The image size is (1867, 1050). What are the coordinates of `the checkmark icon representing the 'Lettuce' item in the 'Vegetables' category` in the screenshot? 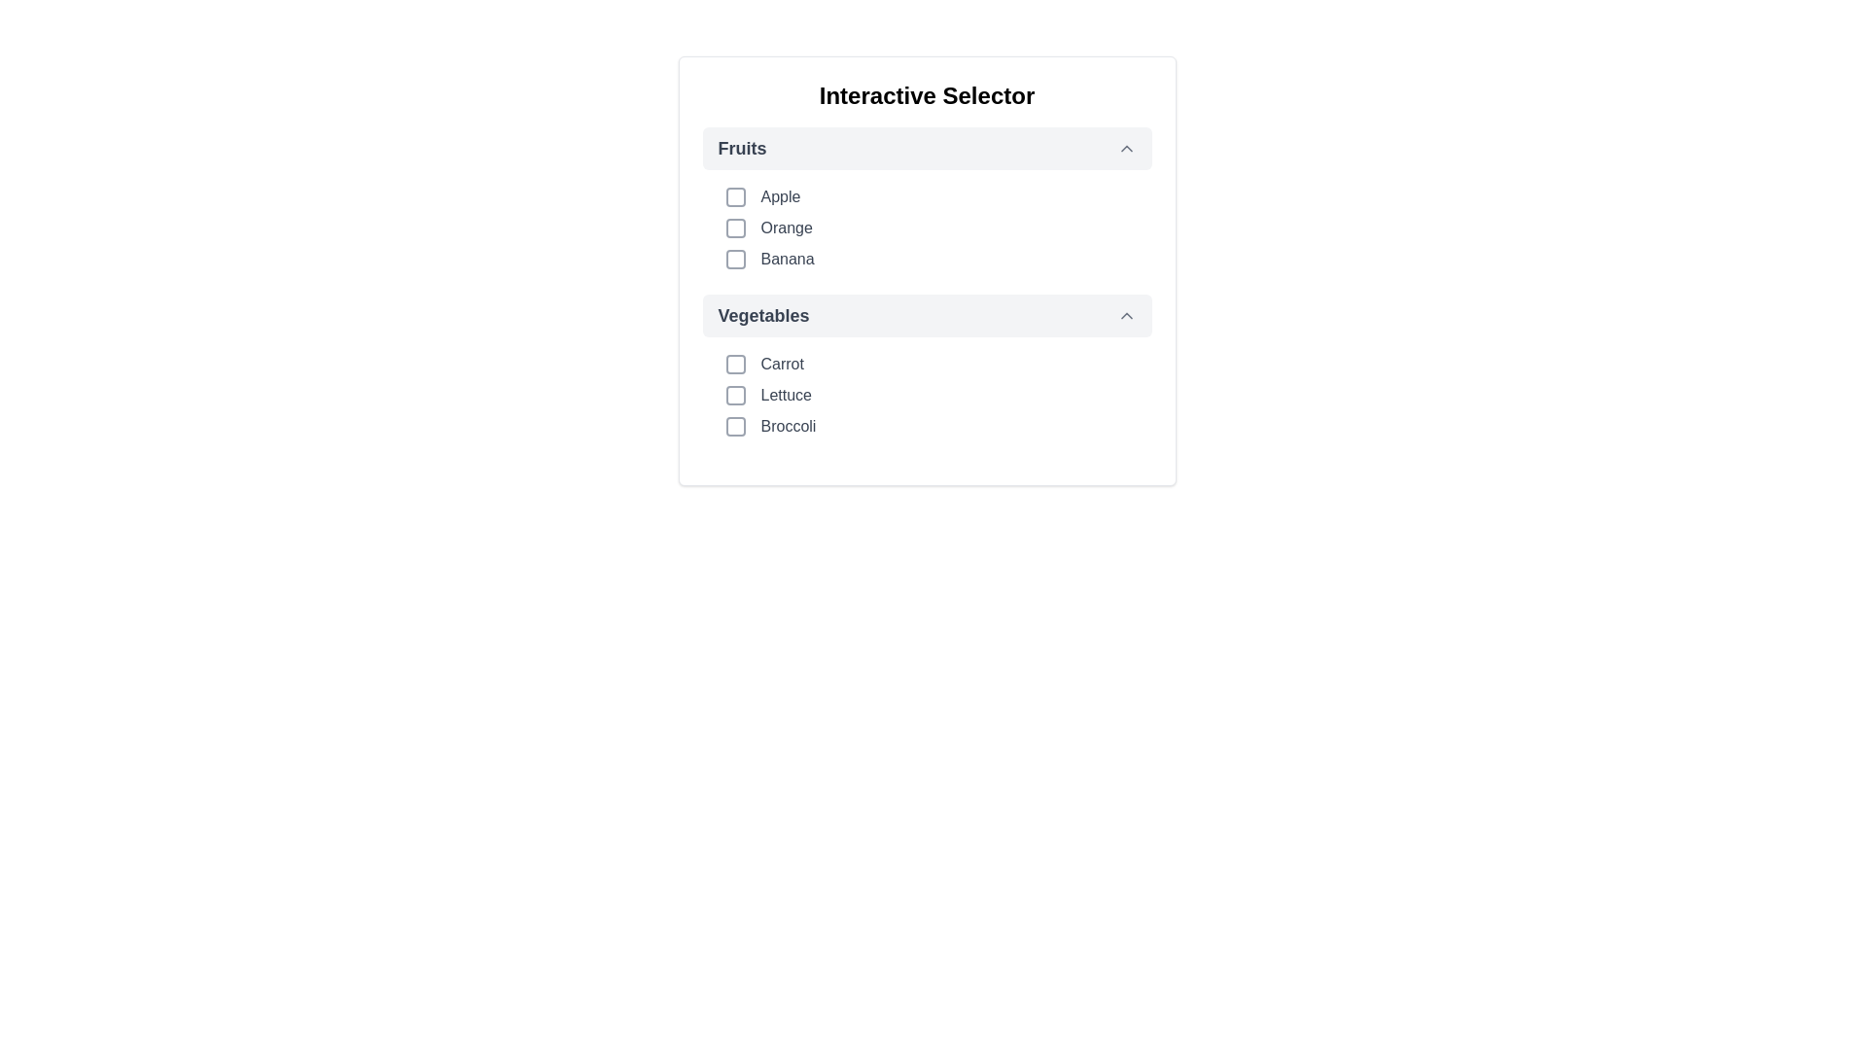 It's located at (734, 395).